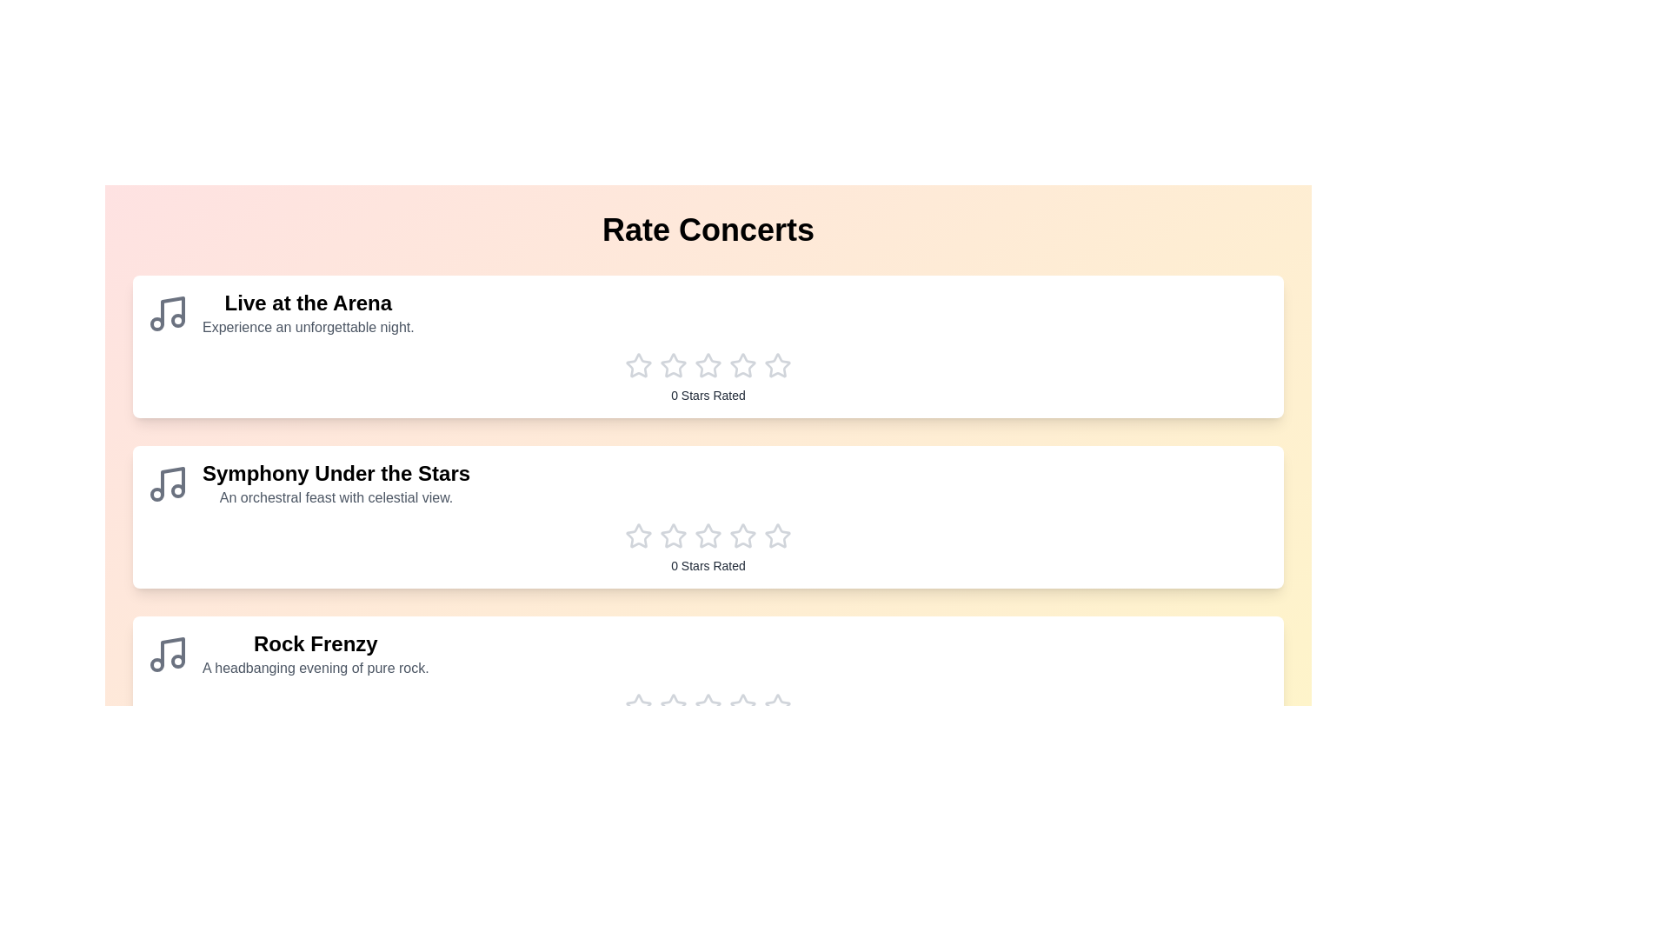 The image size is (1669, 939). I want to click on the star corresponding to the rating 4 for the concert Live at the Arena, so click(742, 364).